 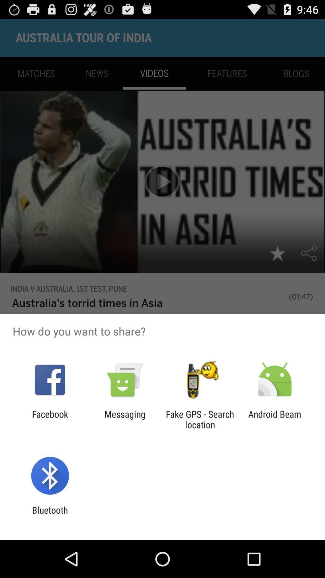 I want to click on the item next to fake gps search item, so click(x=125, y=419).